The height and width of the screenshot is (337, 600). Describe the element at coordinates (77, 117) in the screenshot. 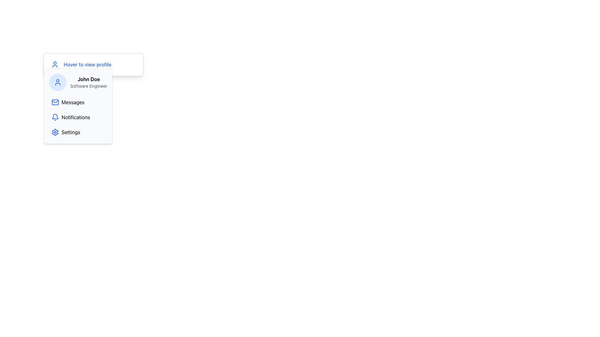

I see `the 'Notifications' menu item, which is the second item in the dropdown menu, featuring a blue bell icon and a white background` at that location.